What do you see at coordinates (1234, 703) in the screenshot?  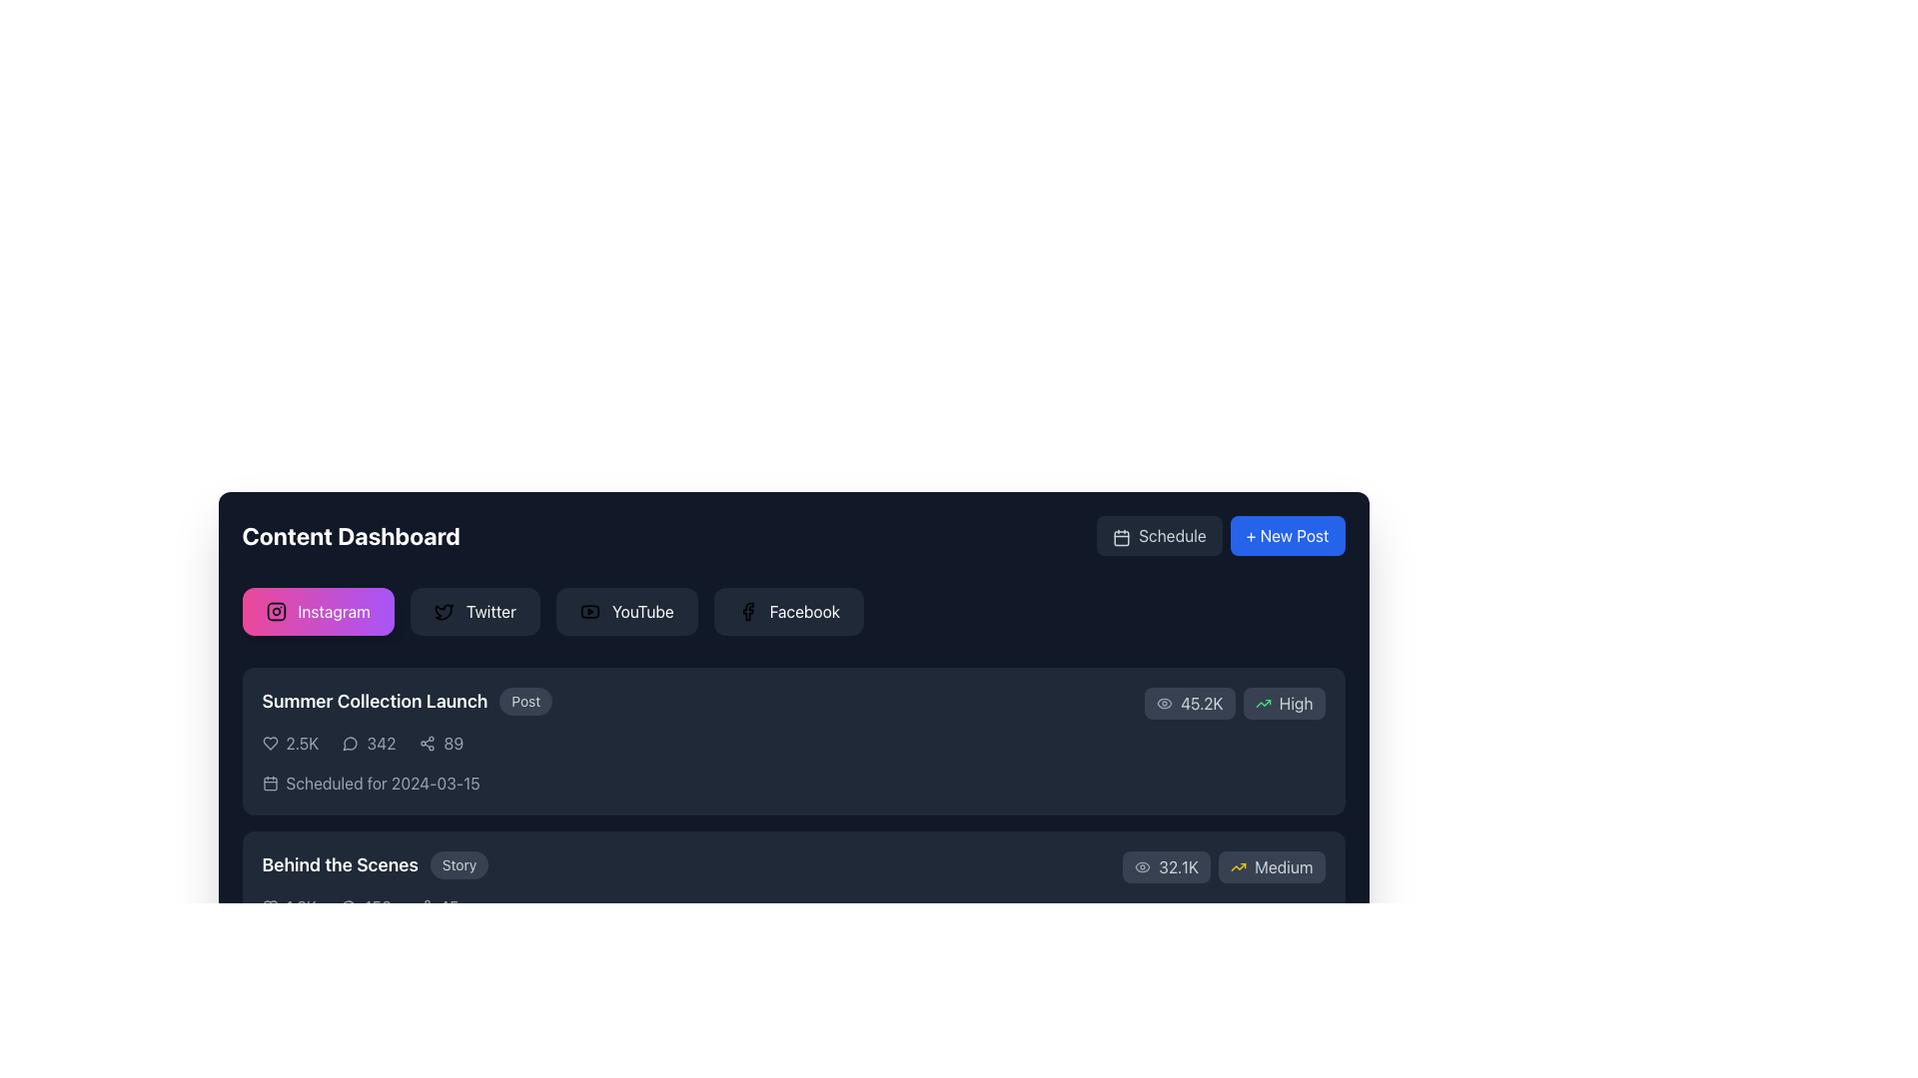 I see `the composite UI element consisting of two informational badges, which includes an eyeball icon with '45.2K' and a green upward arrow icon with 'High', located to the right of the 'Summer Collection Launch' entry` at bounding box center [1234, 703].